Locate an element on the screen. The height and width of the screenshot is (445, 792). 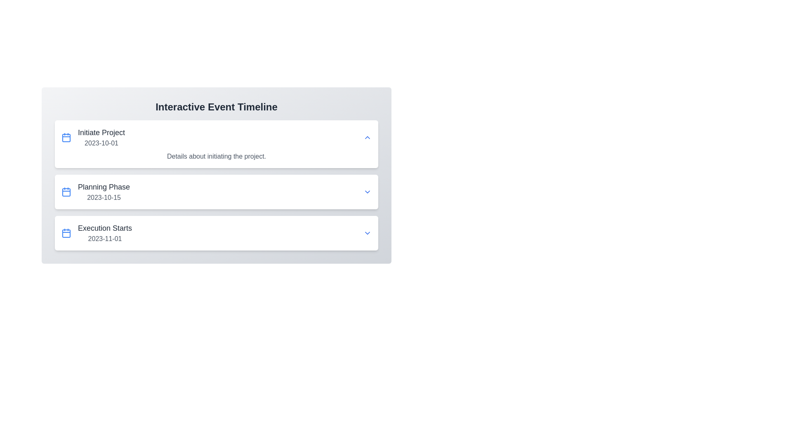
text from the first item in the 'Interactive Event Timeline' section, which indicates the 'Initiate Project' milestone is located at coordinates (101, 137).